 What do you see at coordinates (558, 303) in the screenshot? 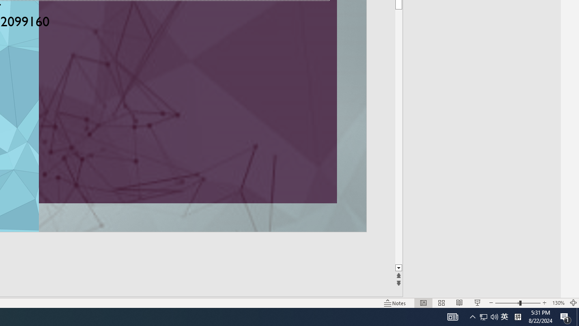
I see `'Zoom 130%'` at bounding box center [558, 303].